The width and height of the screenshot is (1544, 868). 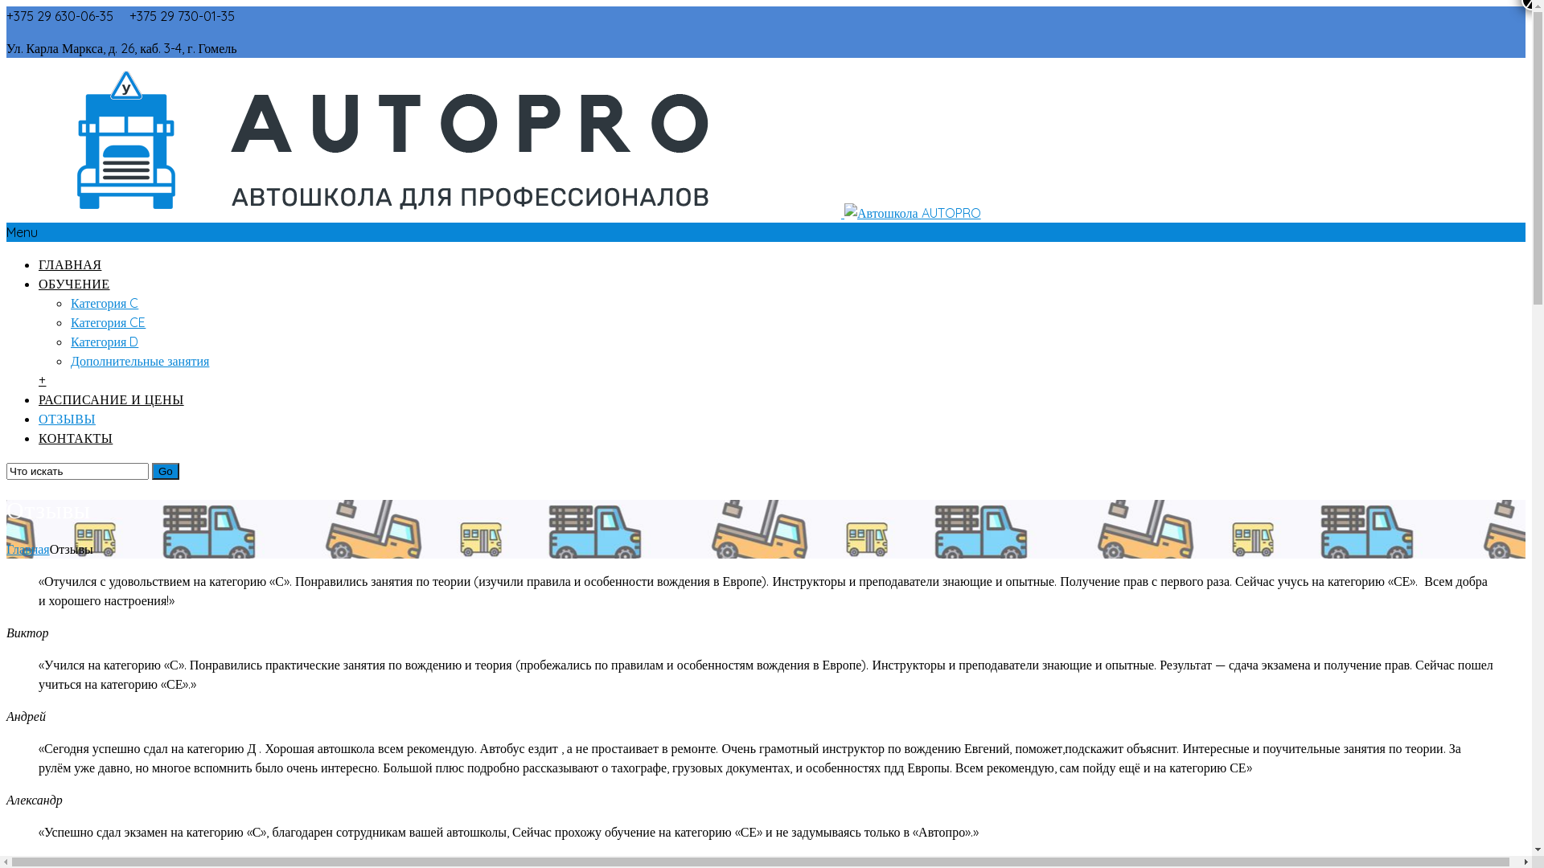 What do you see at coordinates (166, 470) in the screenshot?
I see `'Go'` at bounding box center [166, 470].